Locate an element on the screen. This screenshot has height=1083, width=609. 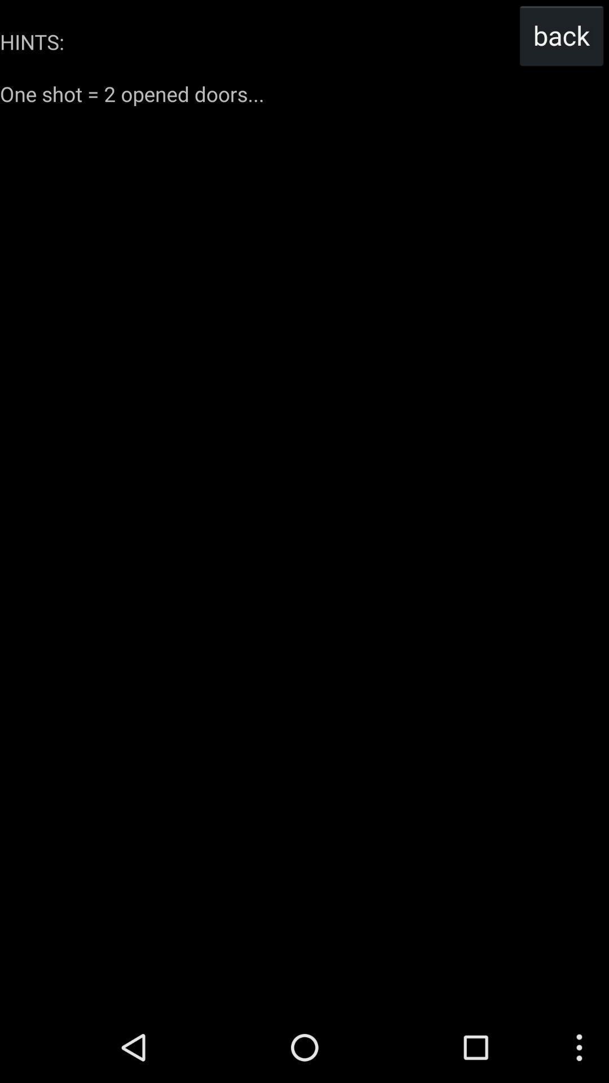
back at the top right corner is located at coordinates (561, 35).